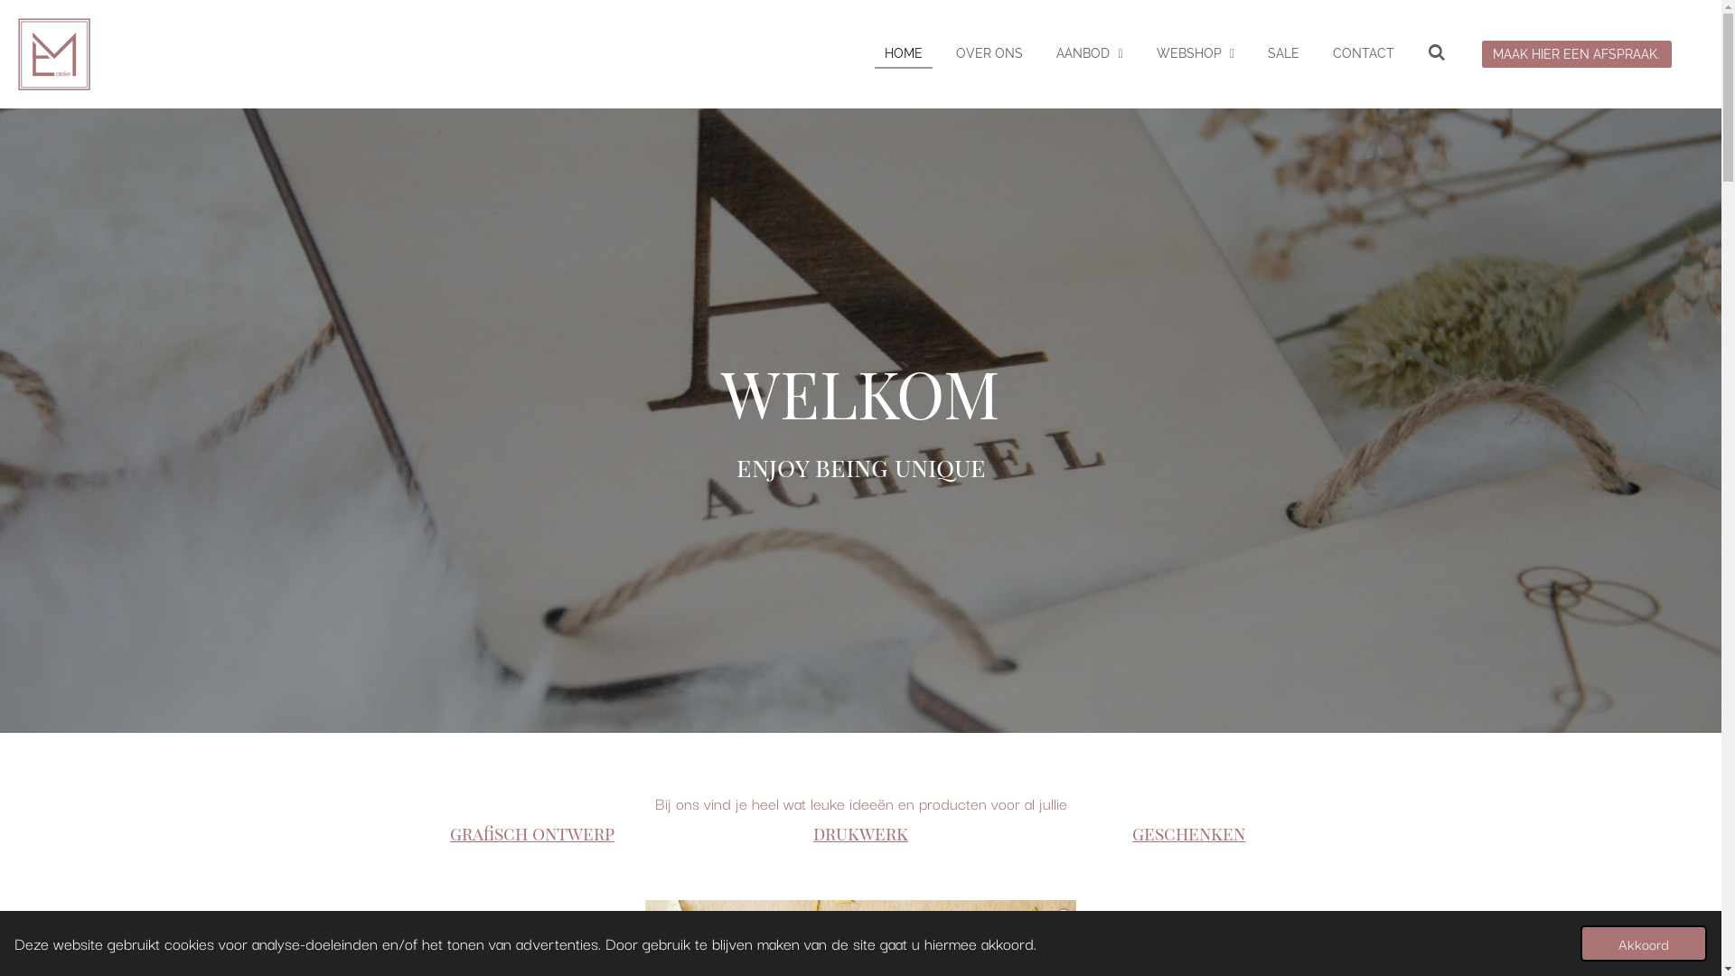 Image resolution: width=1735 pixels, height=976 pixels. What do you see at coordinates (1576, 52) in the screenshot?
I see `'MAAK HIER EEN AFSPRAAK.'` at bounding box center [1576, 52].